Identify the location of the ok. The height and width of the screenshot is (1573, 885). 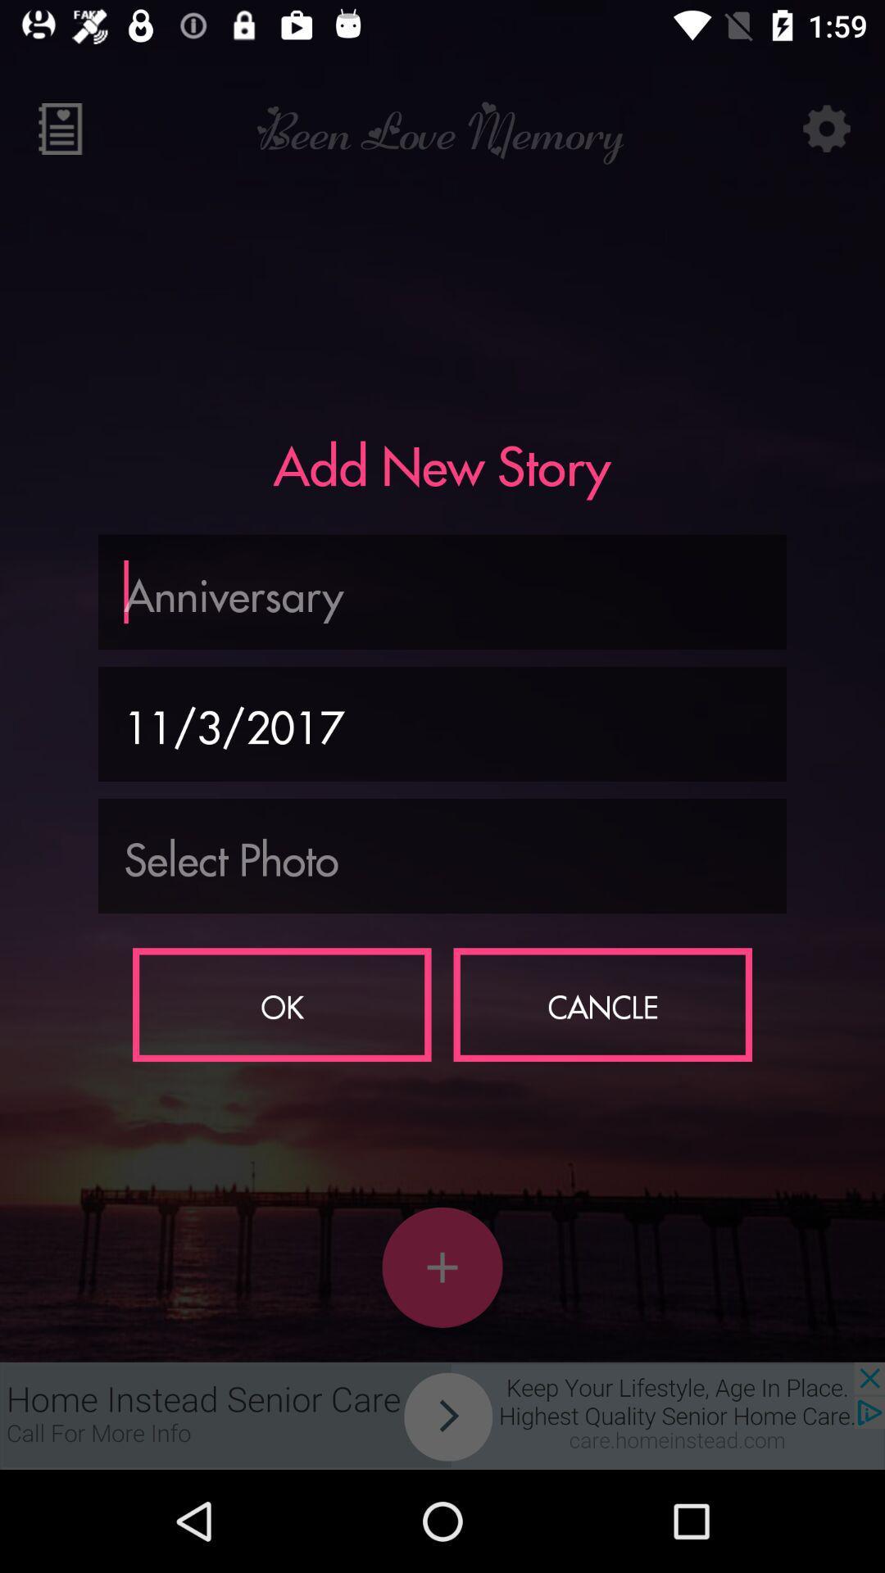
(281, 1004).